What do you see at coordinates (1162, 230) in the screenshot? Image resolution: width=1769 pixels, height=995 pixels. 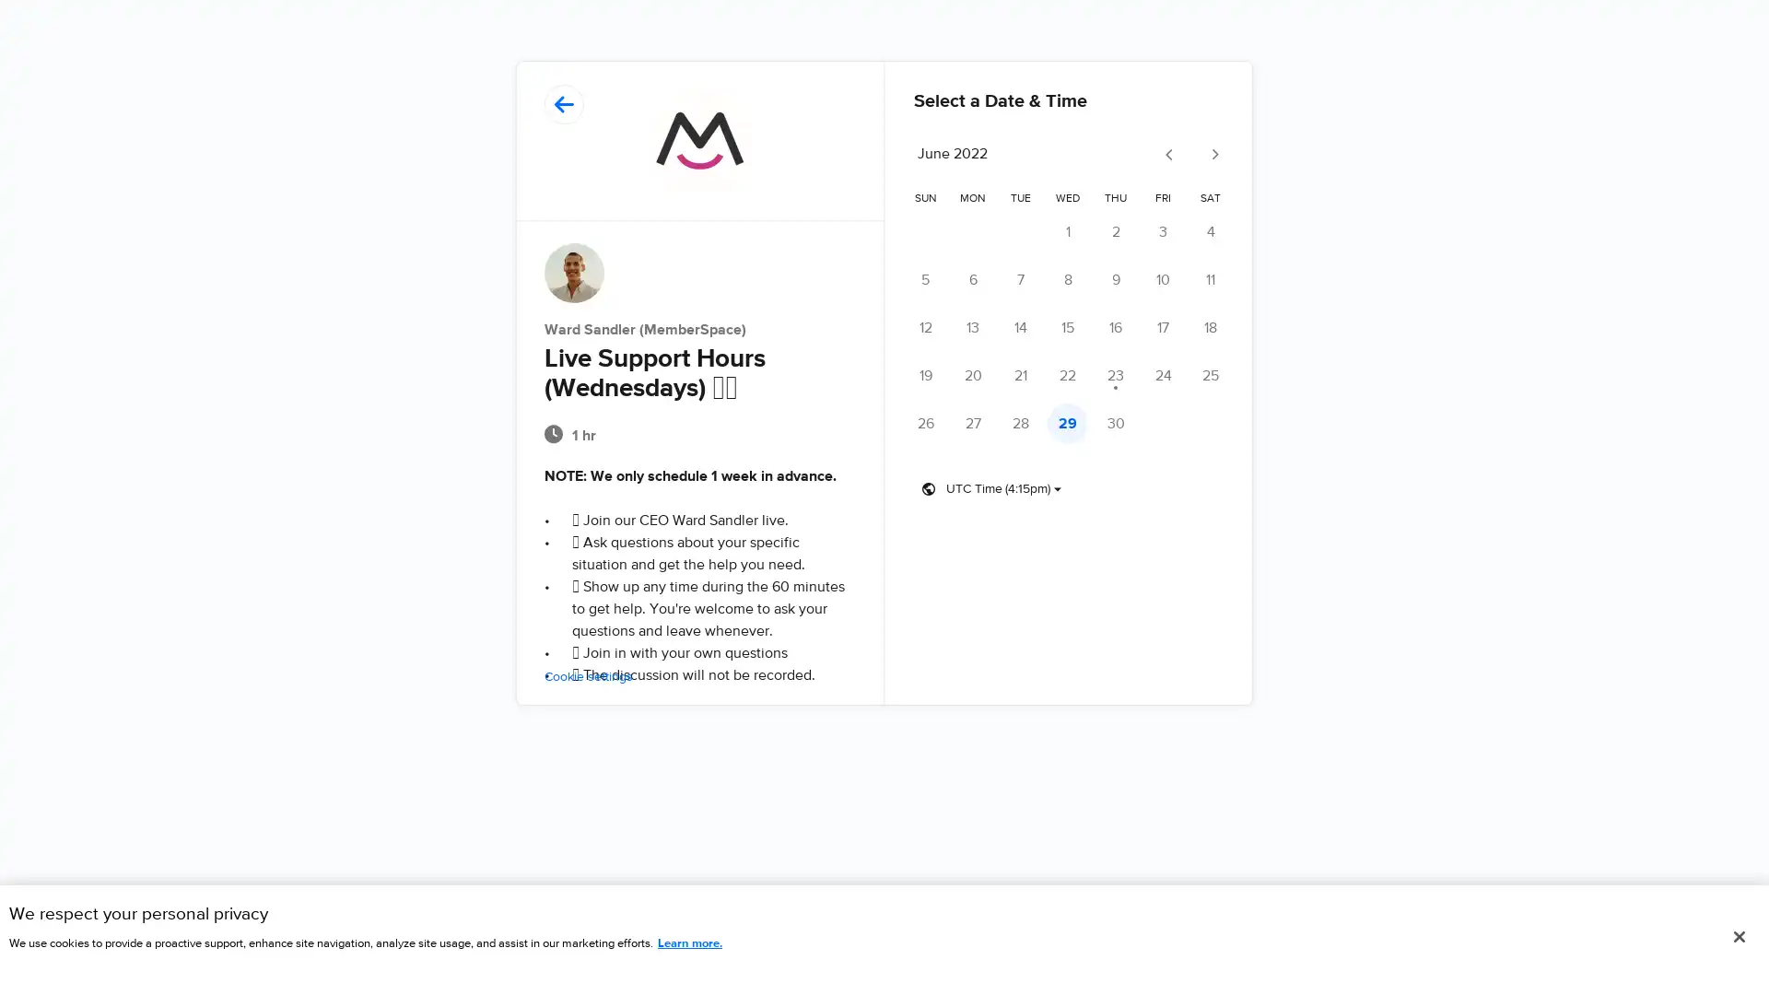 I see `Friday, June 3 - No times available` at bounding box center [1162, 230].